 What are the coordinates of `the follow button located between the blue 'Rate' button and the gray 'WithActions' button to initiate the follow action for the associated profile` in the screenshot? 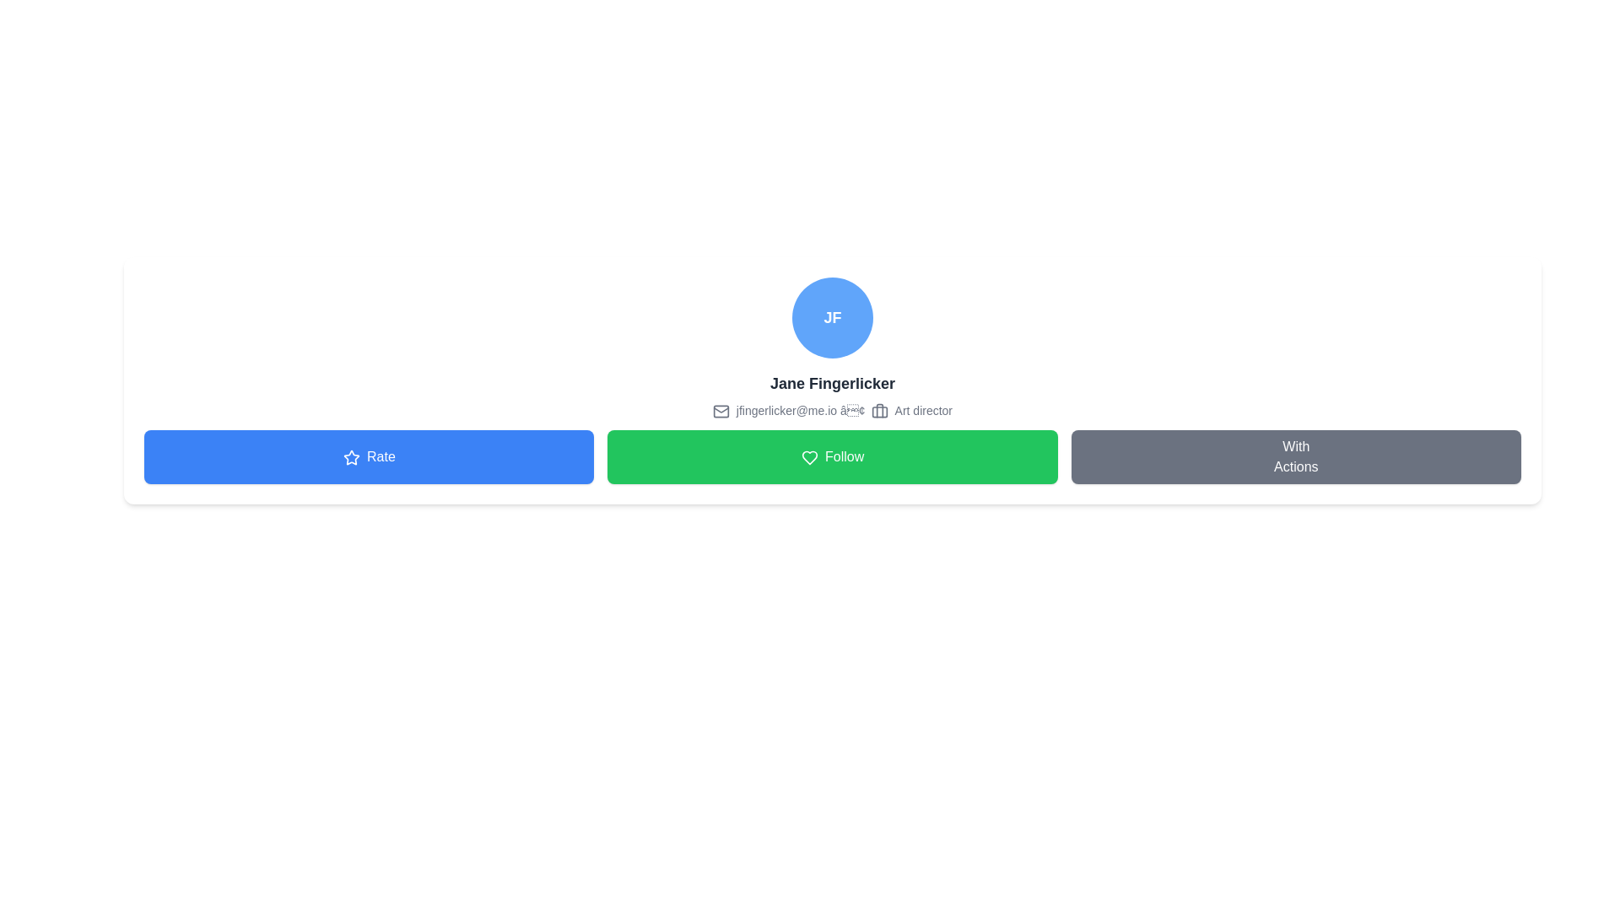 It's located at (833, 457).